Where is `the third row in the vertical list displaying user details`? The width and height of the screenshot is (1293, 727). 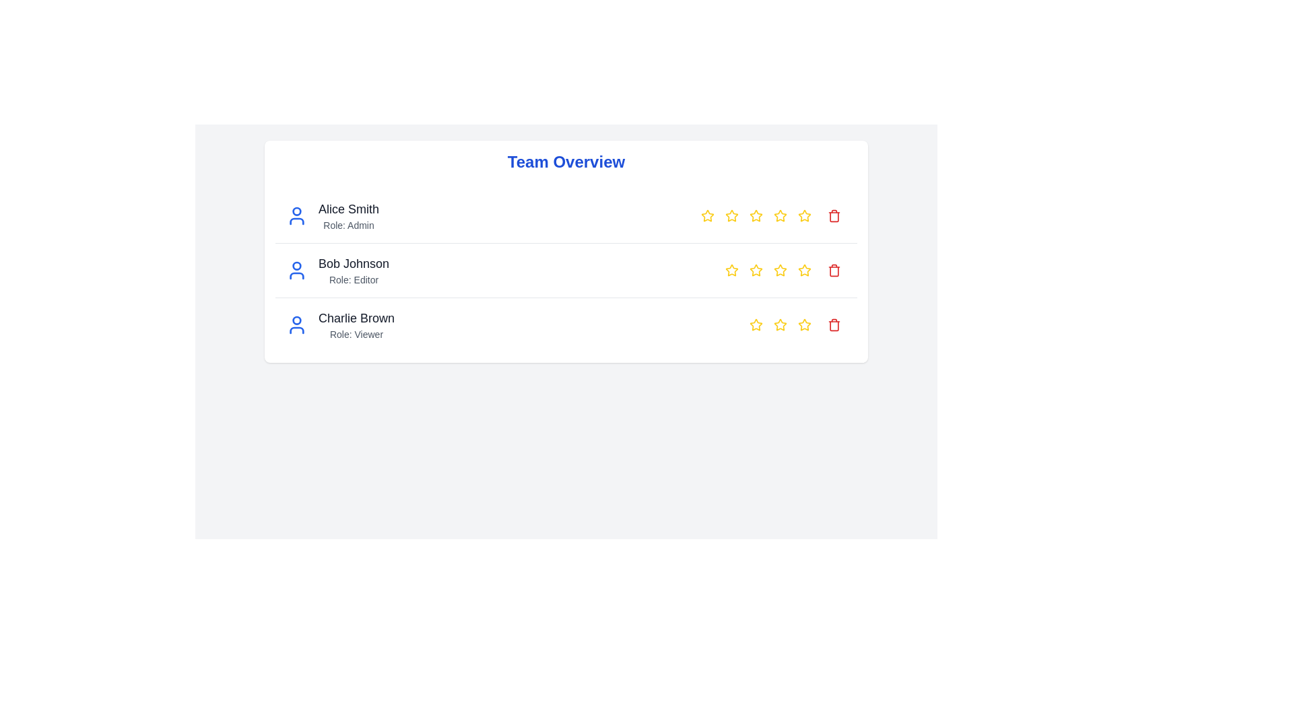
the third row in the vertical list displaying user details is located at coordinates (566, 324).